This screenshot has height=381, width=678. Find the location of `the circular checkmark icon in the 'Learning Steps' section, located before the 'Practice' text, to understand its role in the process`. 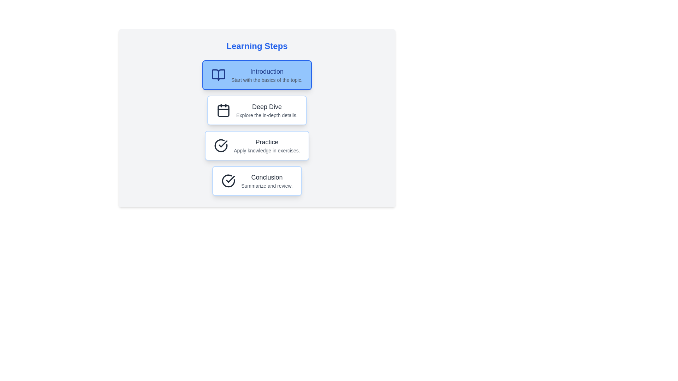

the circular checkmark icon in the 'Learning Steps' section, located before the 'Practice' text, to understand its role in the process is located at coordinates (221, 145).